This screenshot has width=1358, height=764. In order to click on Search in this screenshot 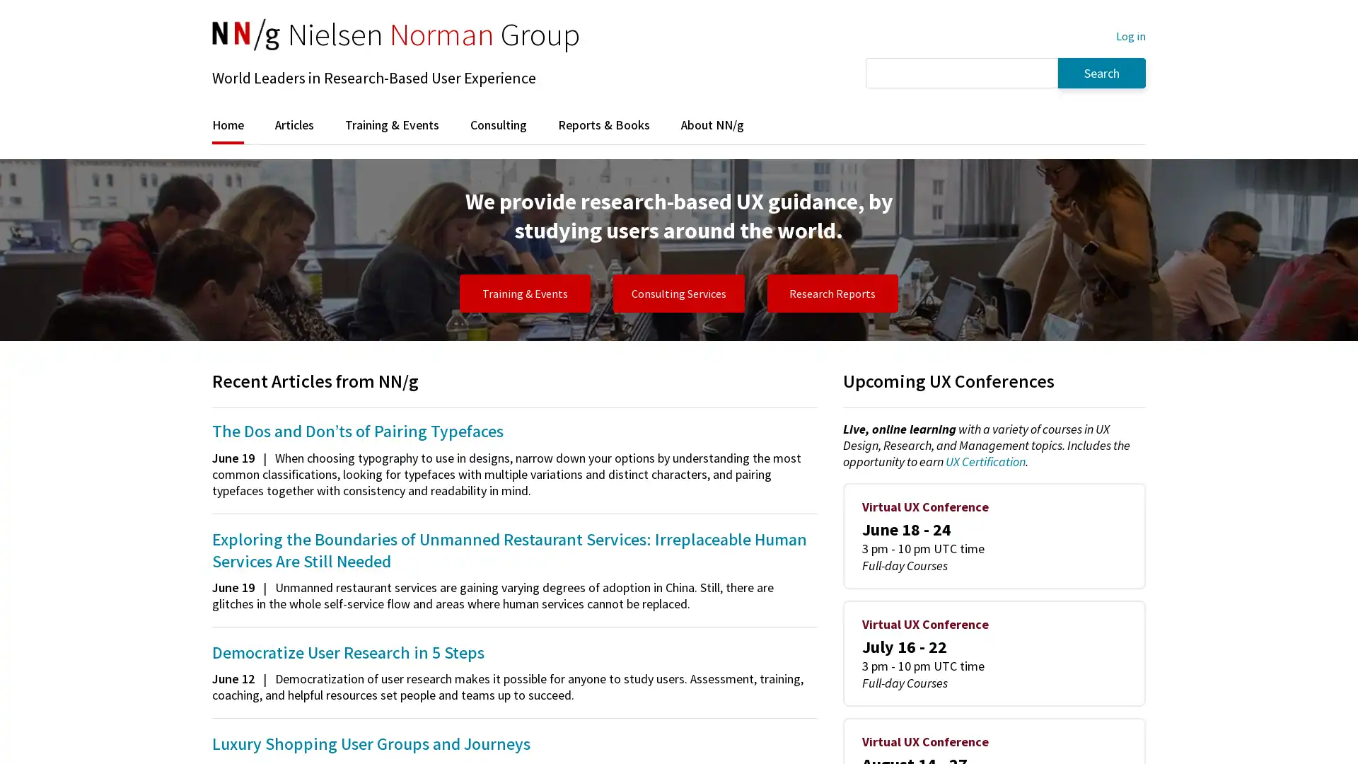, I will do `click(1101, 72)`.